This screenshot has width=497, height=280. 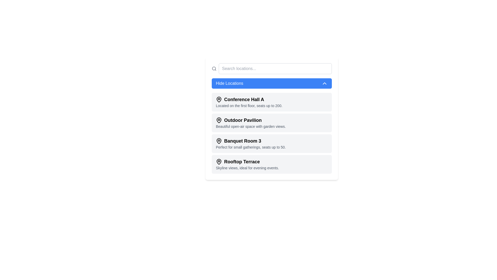 What do you see at coordinates (249, 102) in the screenshot?
I see `the first list item in the vertical navigation pane that describes 'Conference Hall A'` at bounding box center [249, 102].